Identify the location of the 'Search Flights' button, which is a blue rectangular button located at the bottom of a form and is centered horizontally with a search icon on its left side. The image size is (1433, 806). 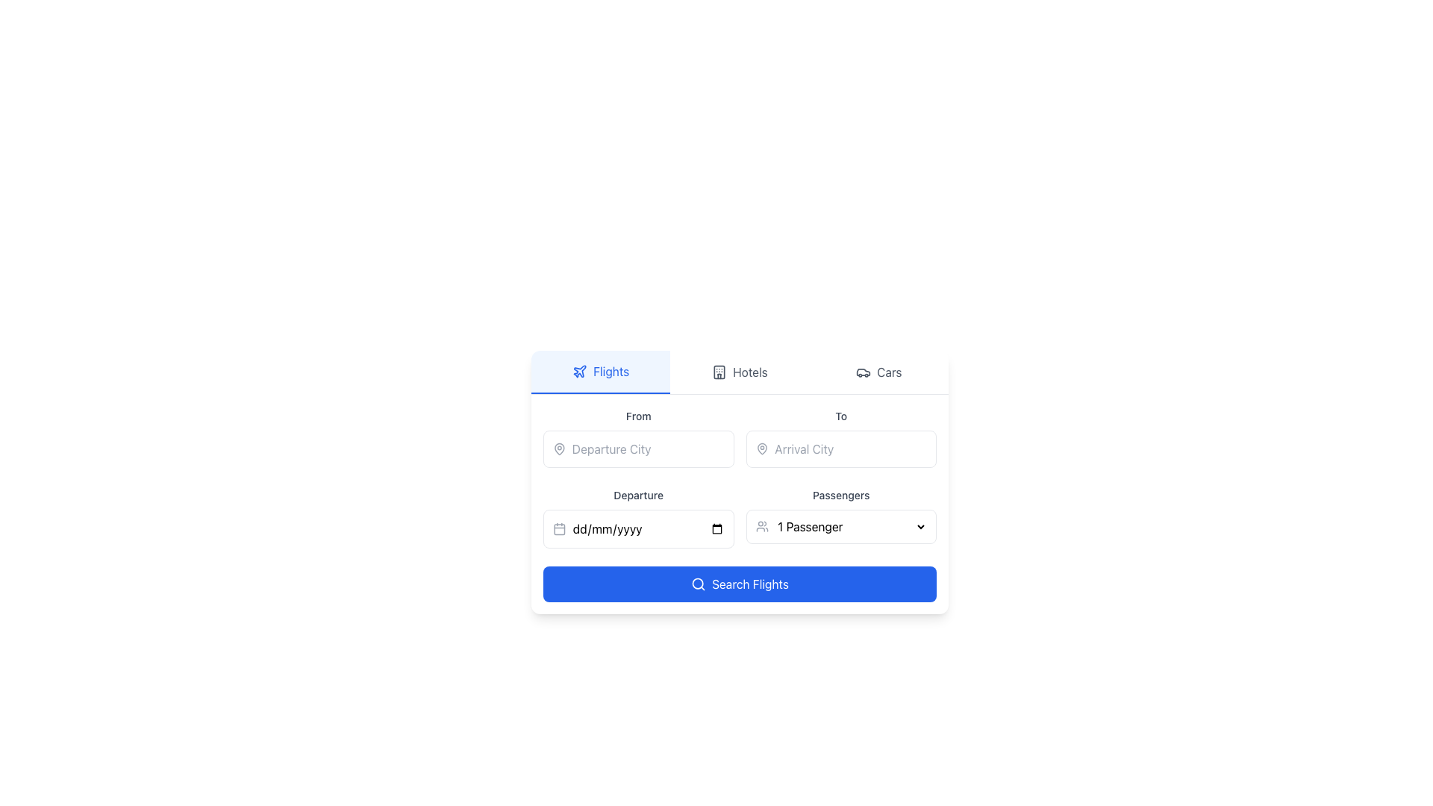
(750, 584).